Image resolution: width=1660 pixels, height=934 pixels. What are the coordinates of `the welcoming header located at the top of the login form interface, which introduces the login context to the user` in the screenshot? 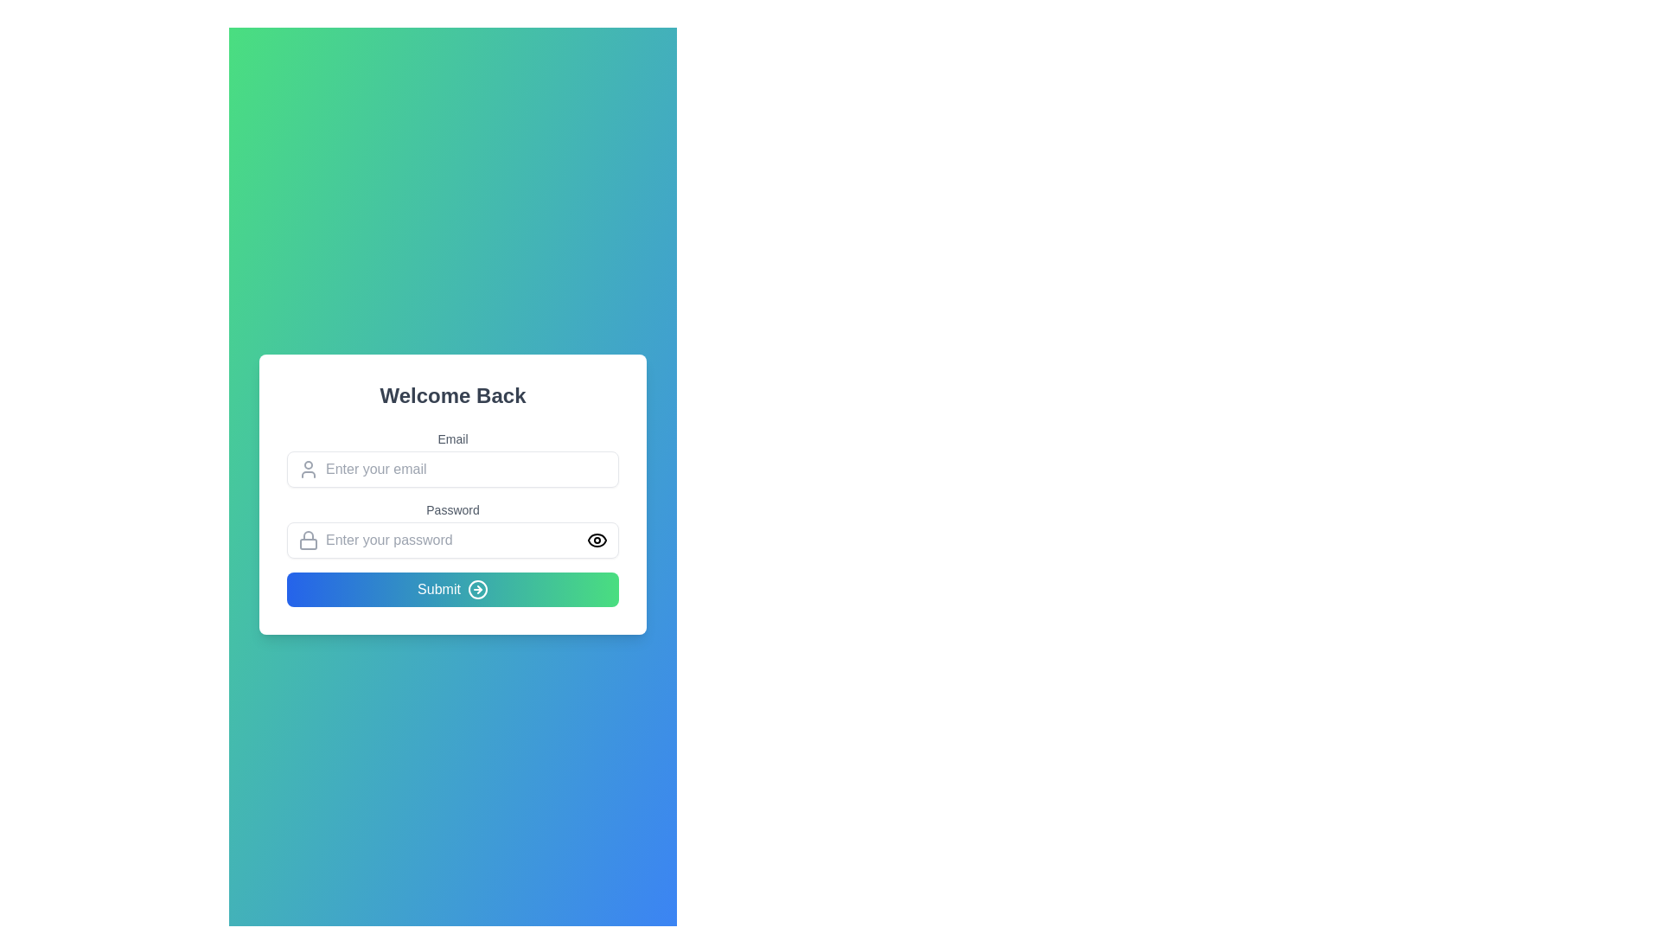 It's located at (452, 396).